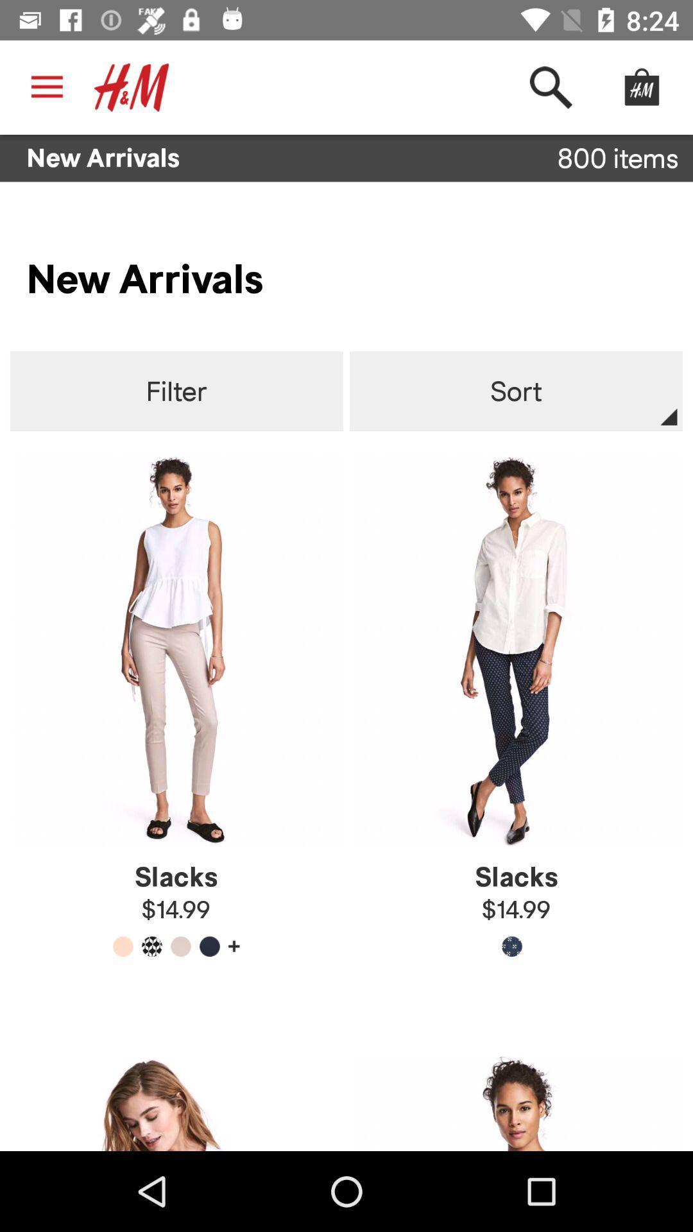  Describe the element at coordinates (176, 391) in the screenshot. I see `the filter` at that location.